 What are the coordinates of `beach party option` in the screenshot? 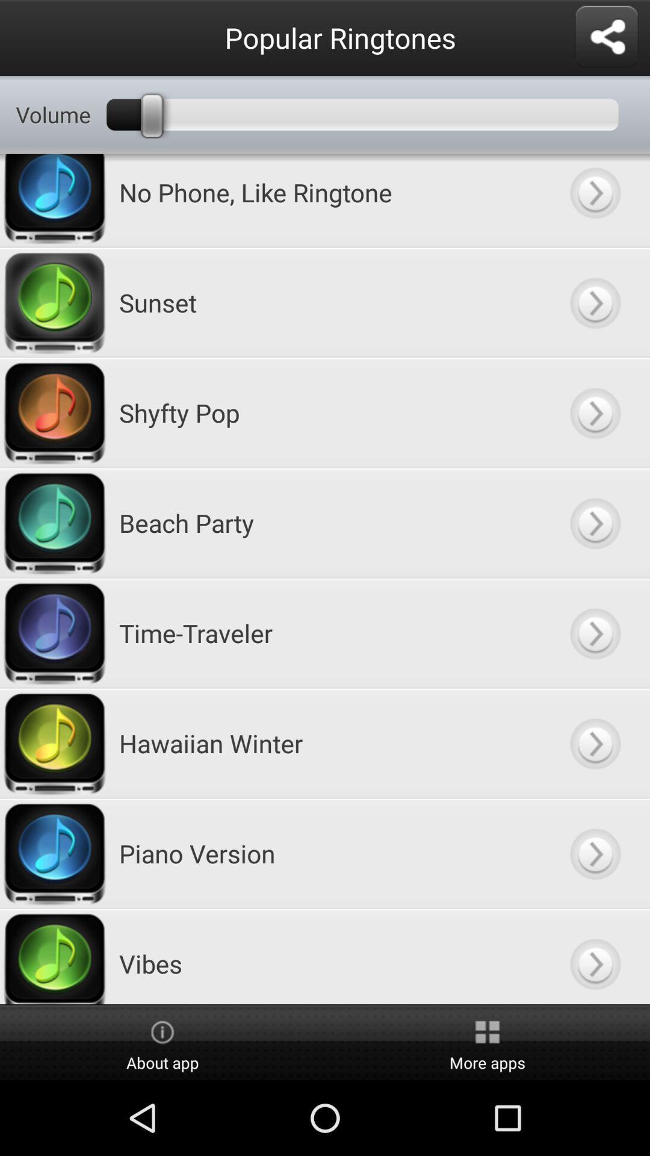 It's located at (594, 523).